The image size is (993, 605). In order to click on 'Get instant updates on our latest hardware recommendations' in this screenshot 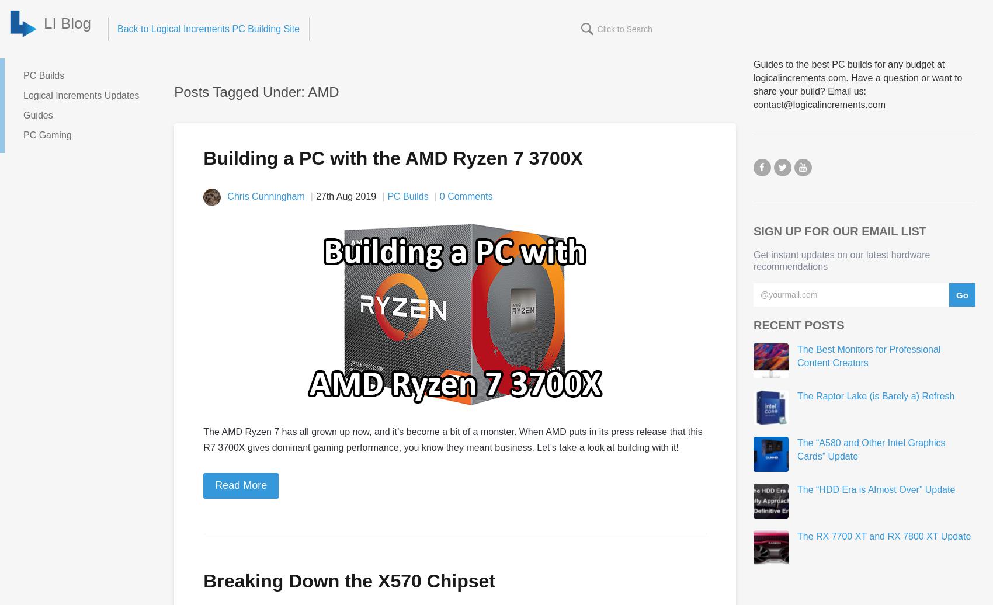, I will do `click(841, 260)`.